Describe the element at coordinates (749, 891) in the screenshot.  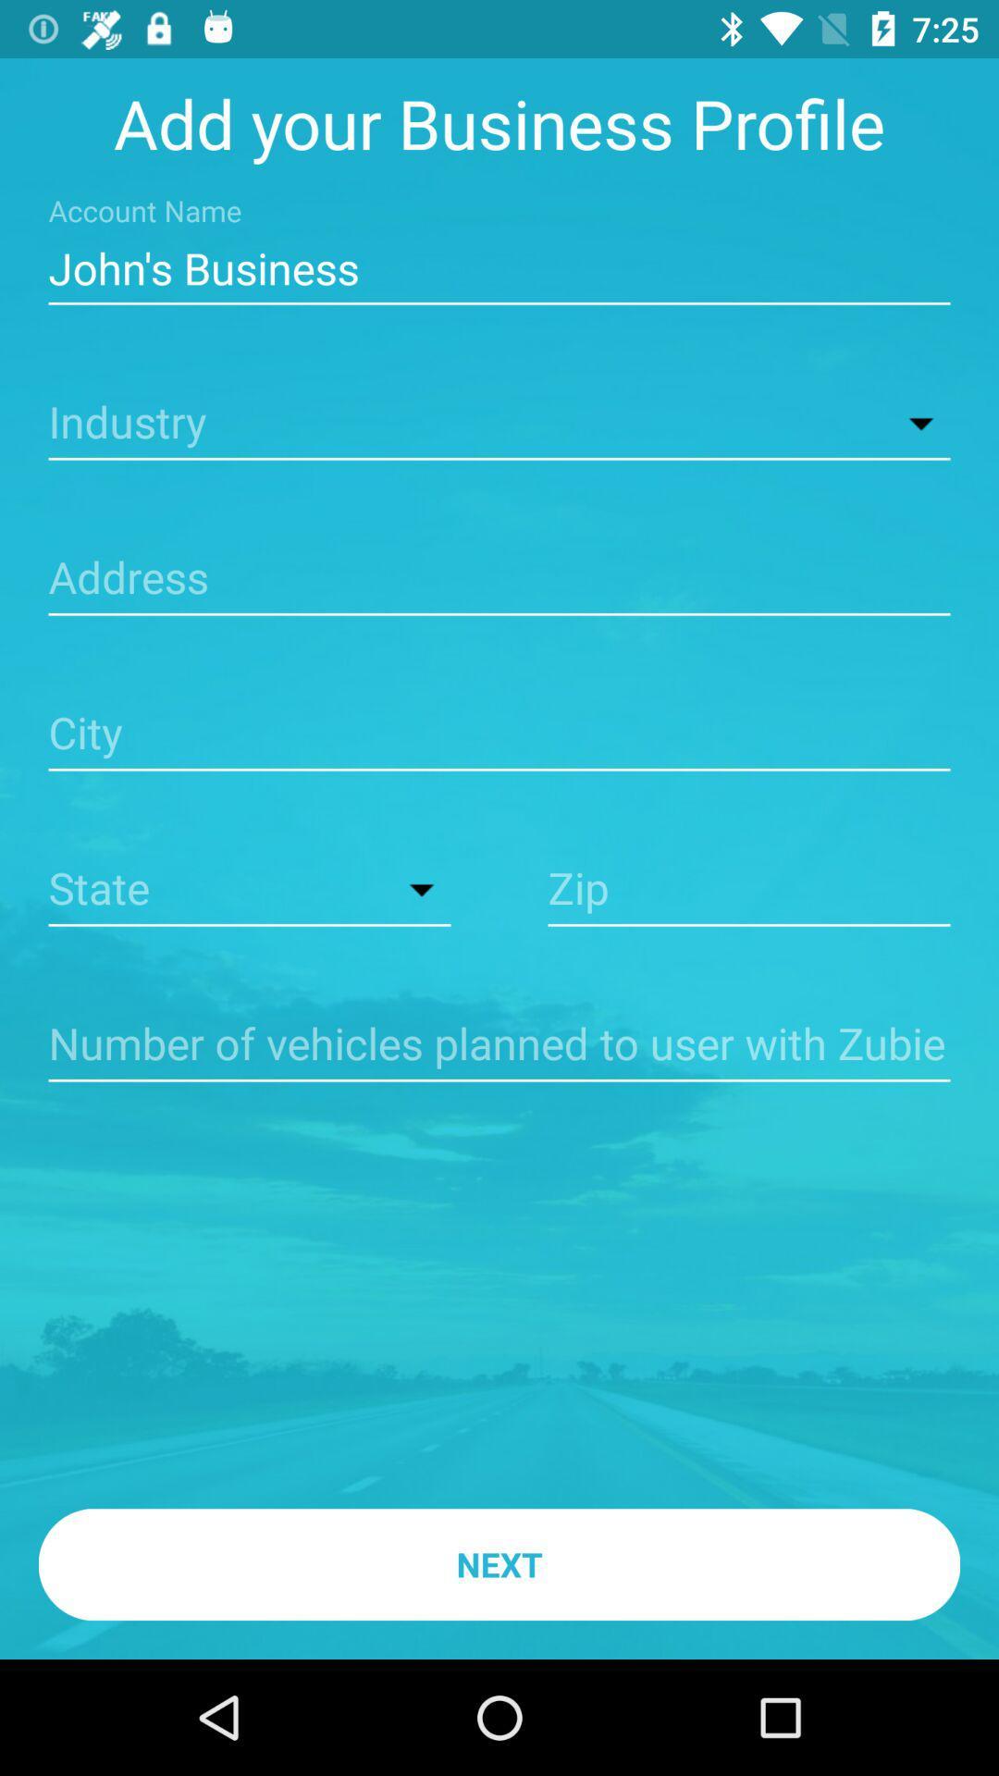
I see `zip code` at that location.